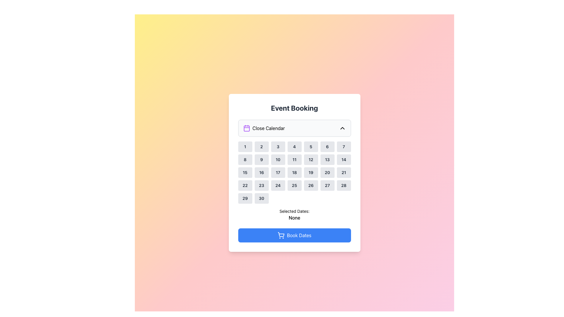 The height and width of the screenshot is (317, 564). Describe the element at coordinates (294, 146) in the screenshot. I see `the square button with a soft gray background and bold black text '4'` at that location.